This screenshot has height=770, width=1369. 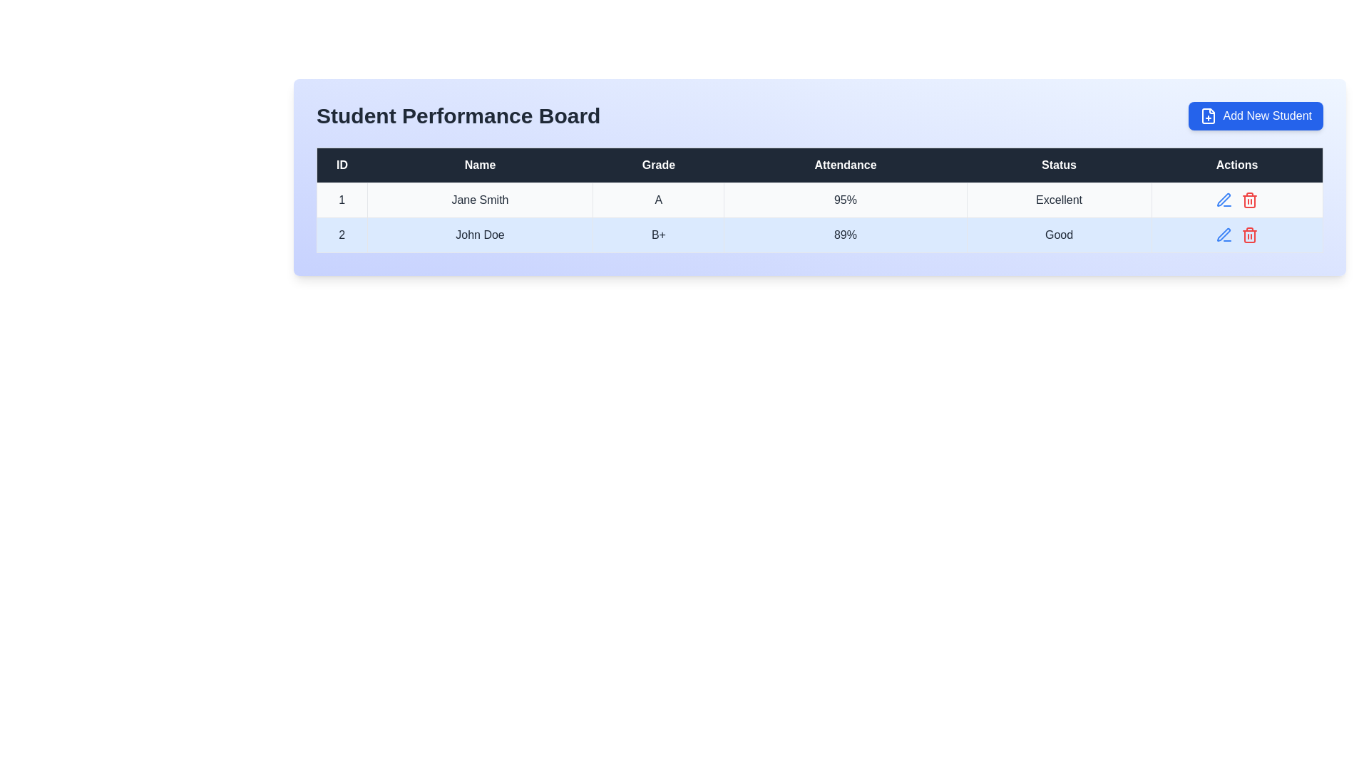 I want to click on the table cell displaying the number '2', which is located in the second row and first column of the table under the header 'ID', so click(x=341, y=235).